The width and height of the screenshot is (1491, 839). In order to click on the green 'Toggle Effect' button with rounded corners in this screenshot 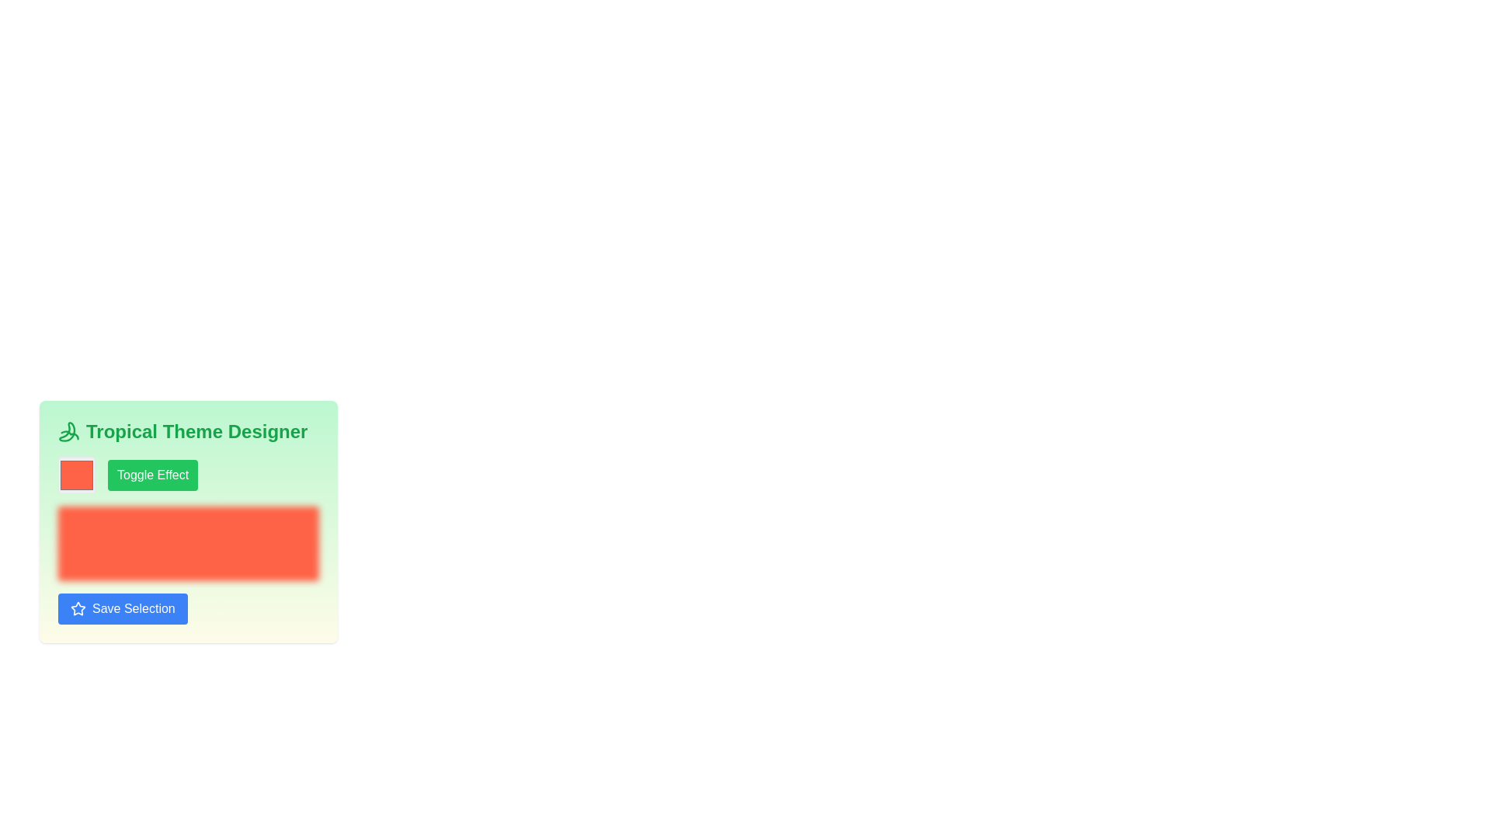, I will do `click(153, 475)`.